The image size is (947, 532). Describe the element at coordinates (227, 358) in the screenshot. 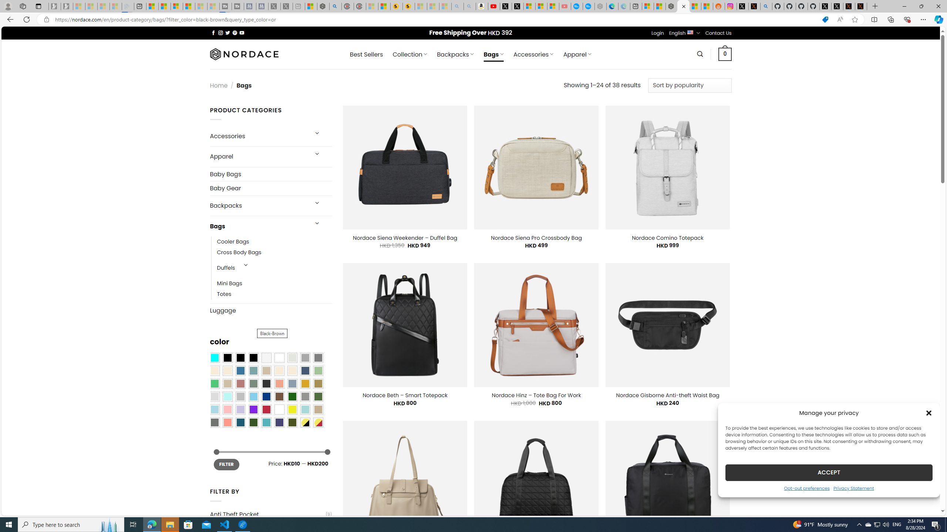

I see `'All Black'` at that location.